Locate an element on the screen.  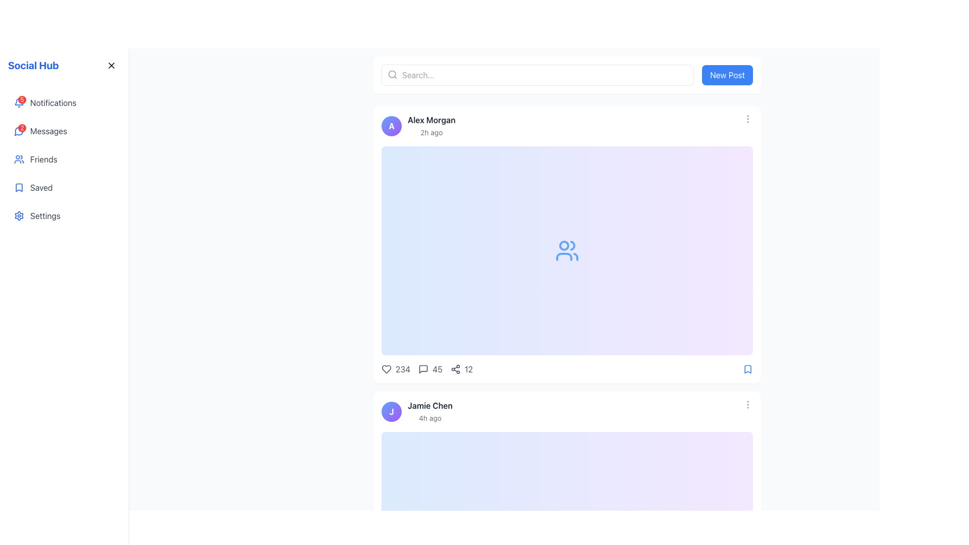
the 'Notifications' text label in the sidebar menu, which is displayed in gray color and aligned to the right of the notification bell icon with a red badge is located at coordinates (52, 103).